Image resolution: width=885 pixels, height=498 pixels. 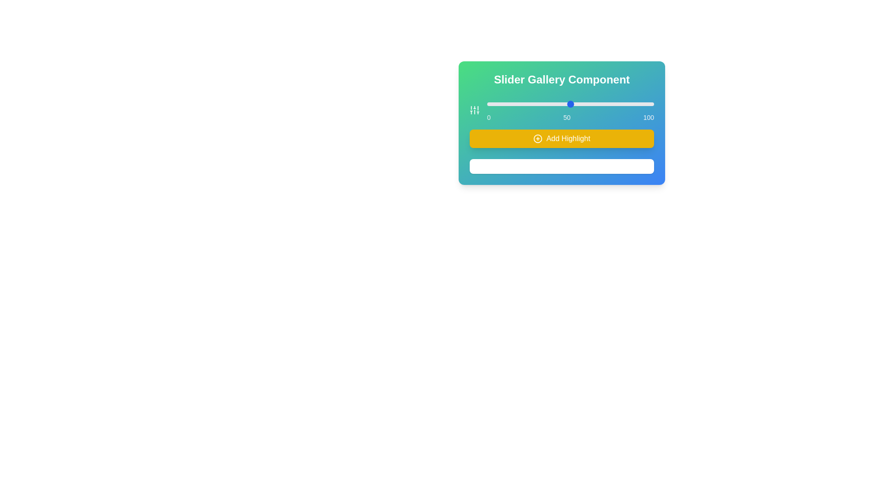 What do you see at coordinates (522, 104) in the screenshot?
I see `the slider value` at bounding box center [522, 104].